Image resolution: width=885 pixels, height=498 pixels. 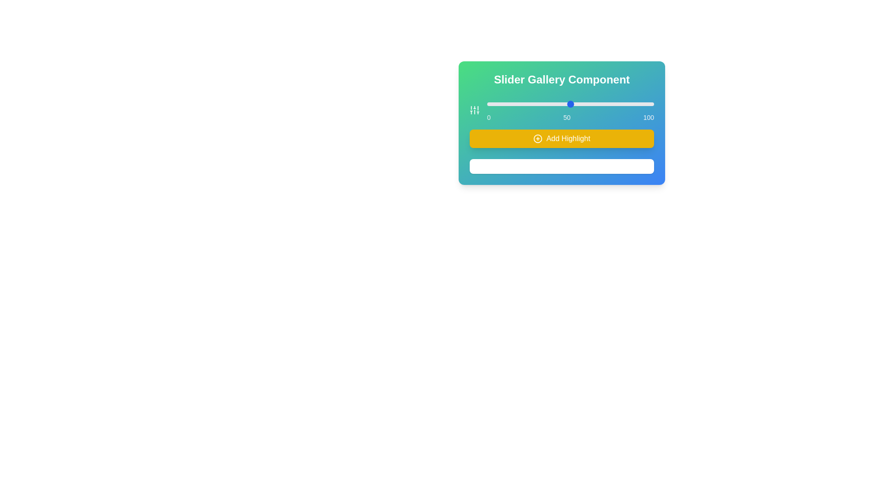 What do you see at coordinates (522, 104) in the screenshot?
I see `the slider value` at bounding box center [522, 104].